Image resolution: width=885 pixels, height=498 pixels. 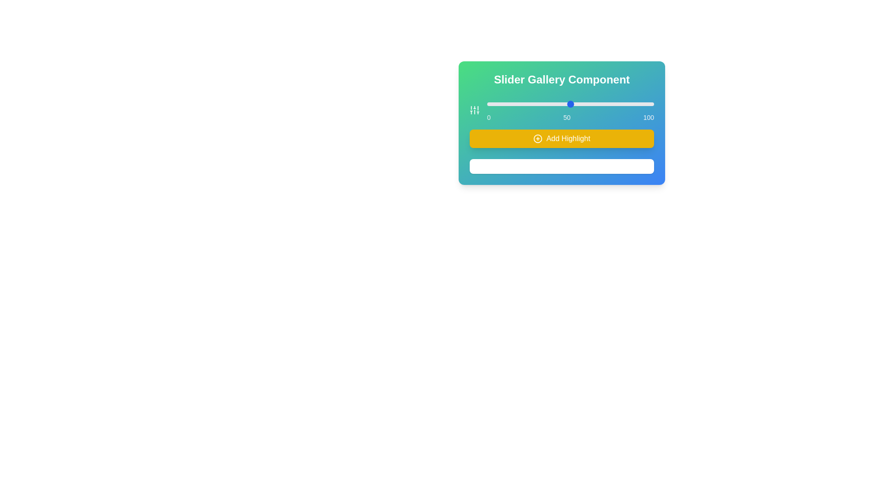 What do you see at coordinates (522, 104) in the screenshot?
I see `the slider value` at bounding box center [522, 104].